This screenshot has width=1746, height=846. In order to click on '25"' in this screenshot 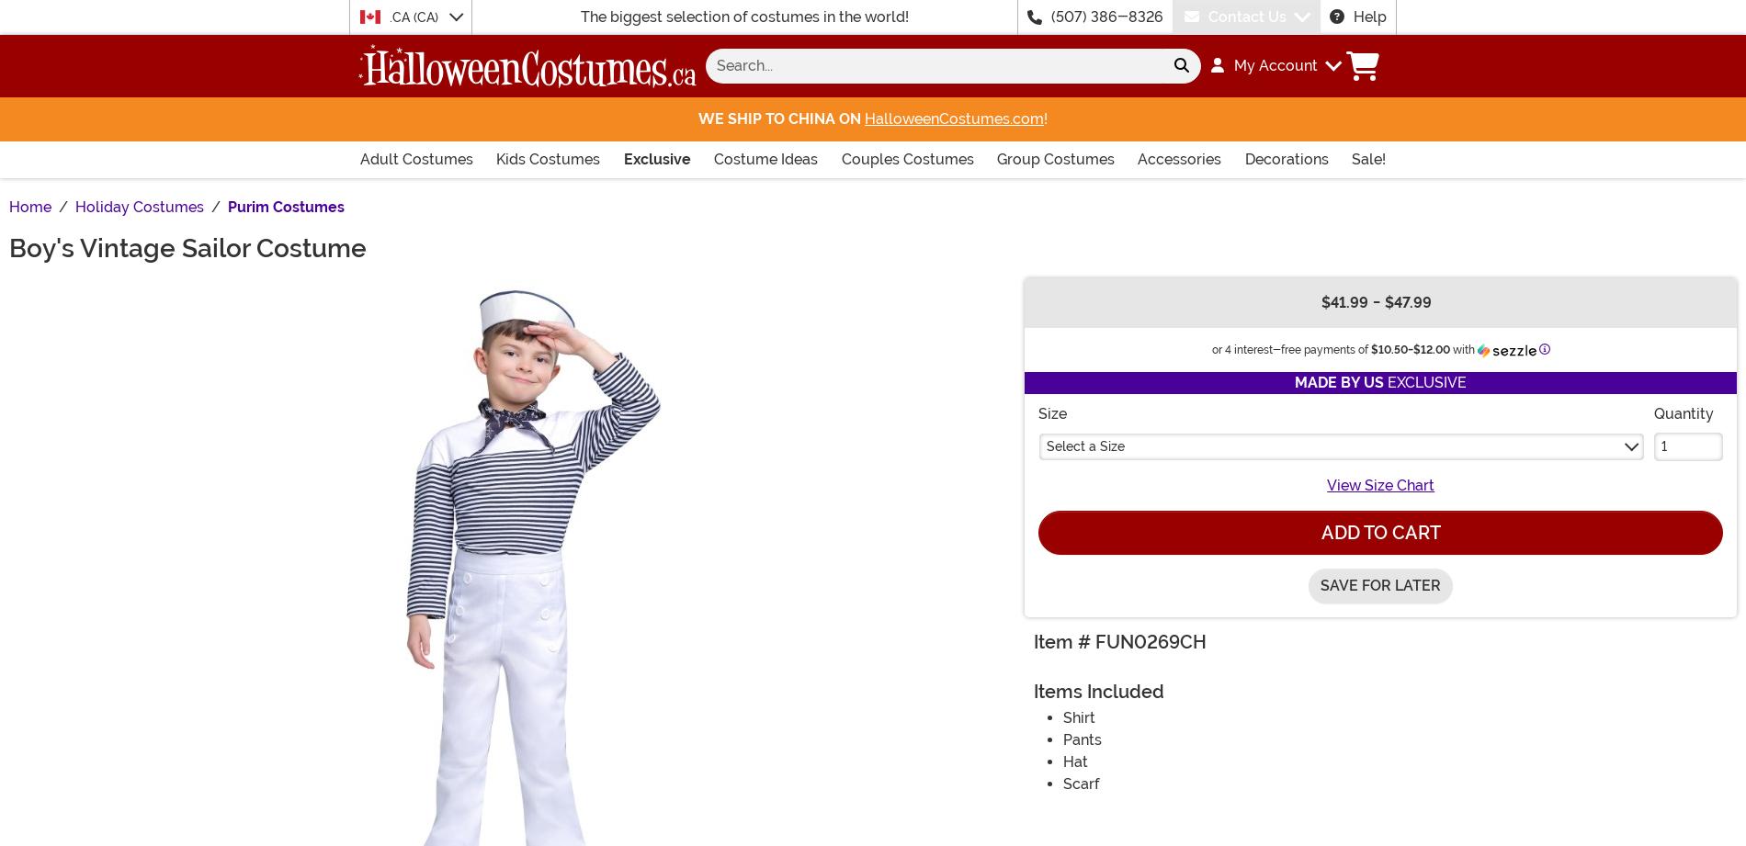, I will do `click(474, 35)`.